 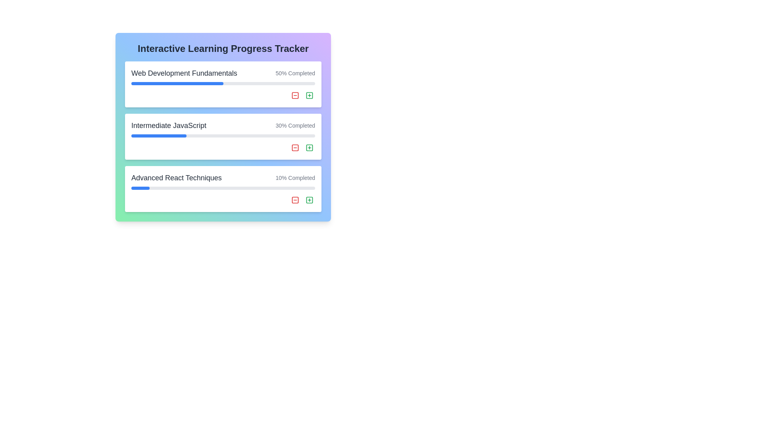 I want to click on the red square icon button located to the right of the text 'Web Development Fundamentals' in the first list item, so click(x=295, y=95).